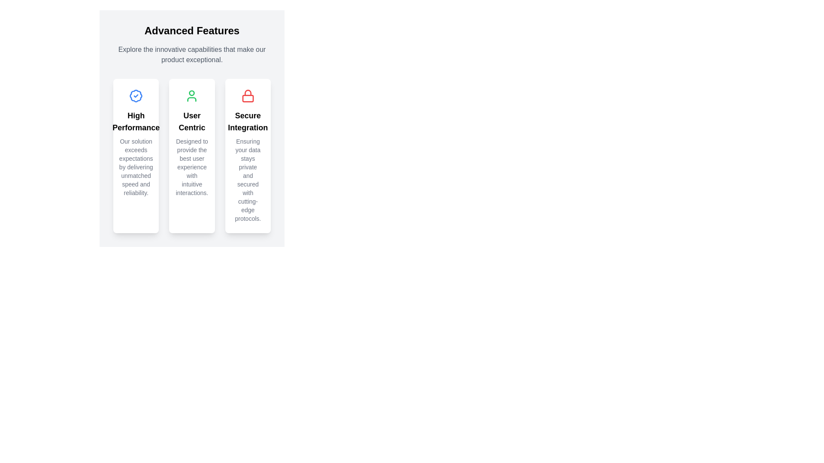 The height and width of the screenshot is (463, 824). What do you see at coordinates (247, 98) in the screenshot?
I see `the decorative SVG rectangle that forms part of the lock icon representing secure integration, located in the third feature column` at bounding box center [247, 98].